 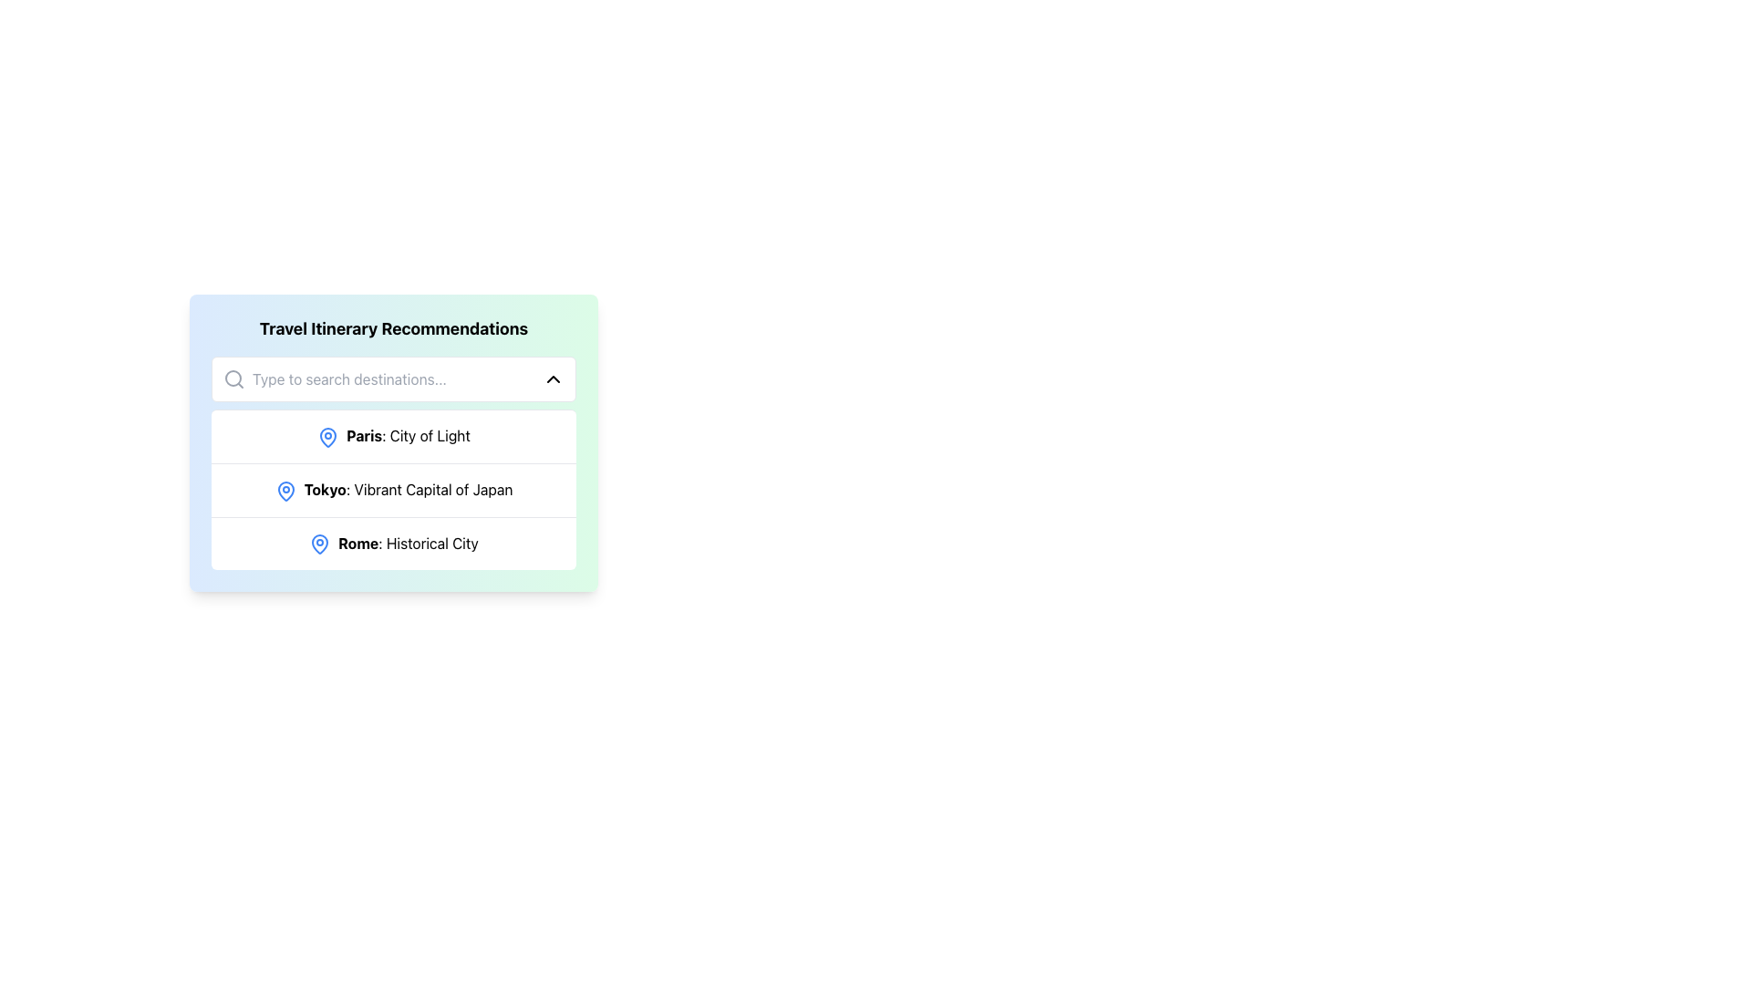 I want to click on the Circle (SVG Element) within the search icon located to the left of the search bar in the user interface, so click(x=232, y=378).